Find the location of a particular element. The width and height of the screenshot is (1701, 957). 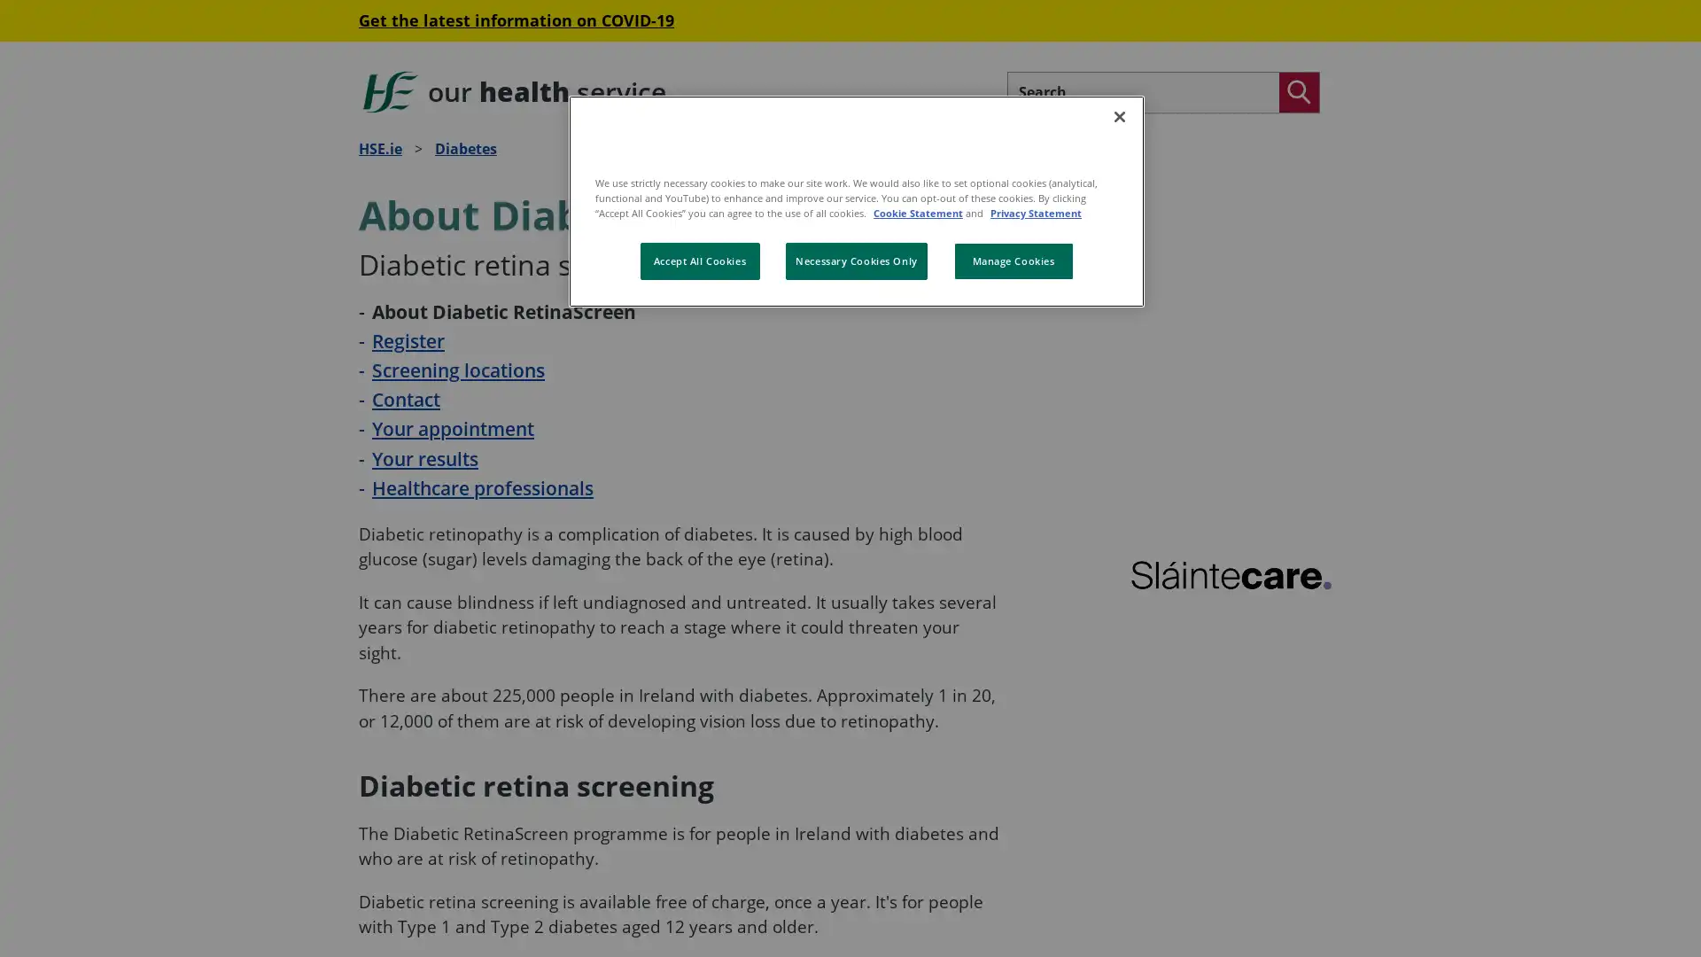

Search is located at coordinates (1299, 91).